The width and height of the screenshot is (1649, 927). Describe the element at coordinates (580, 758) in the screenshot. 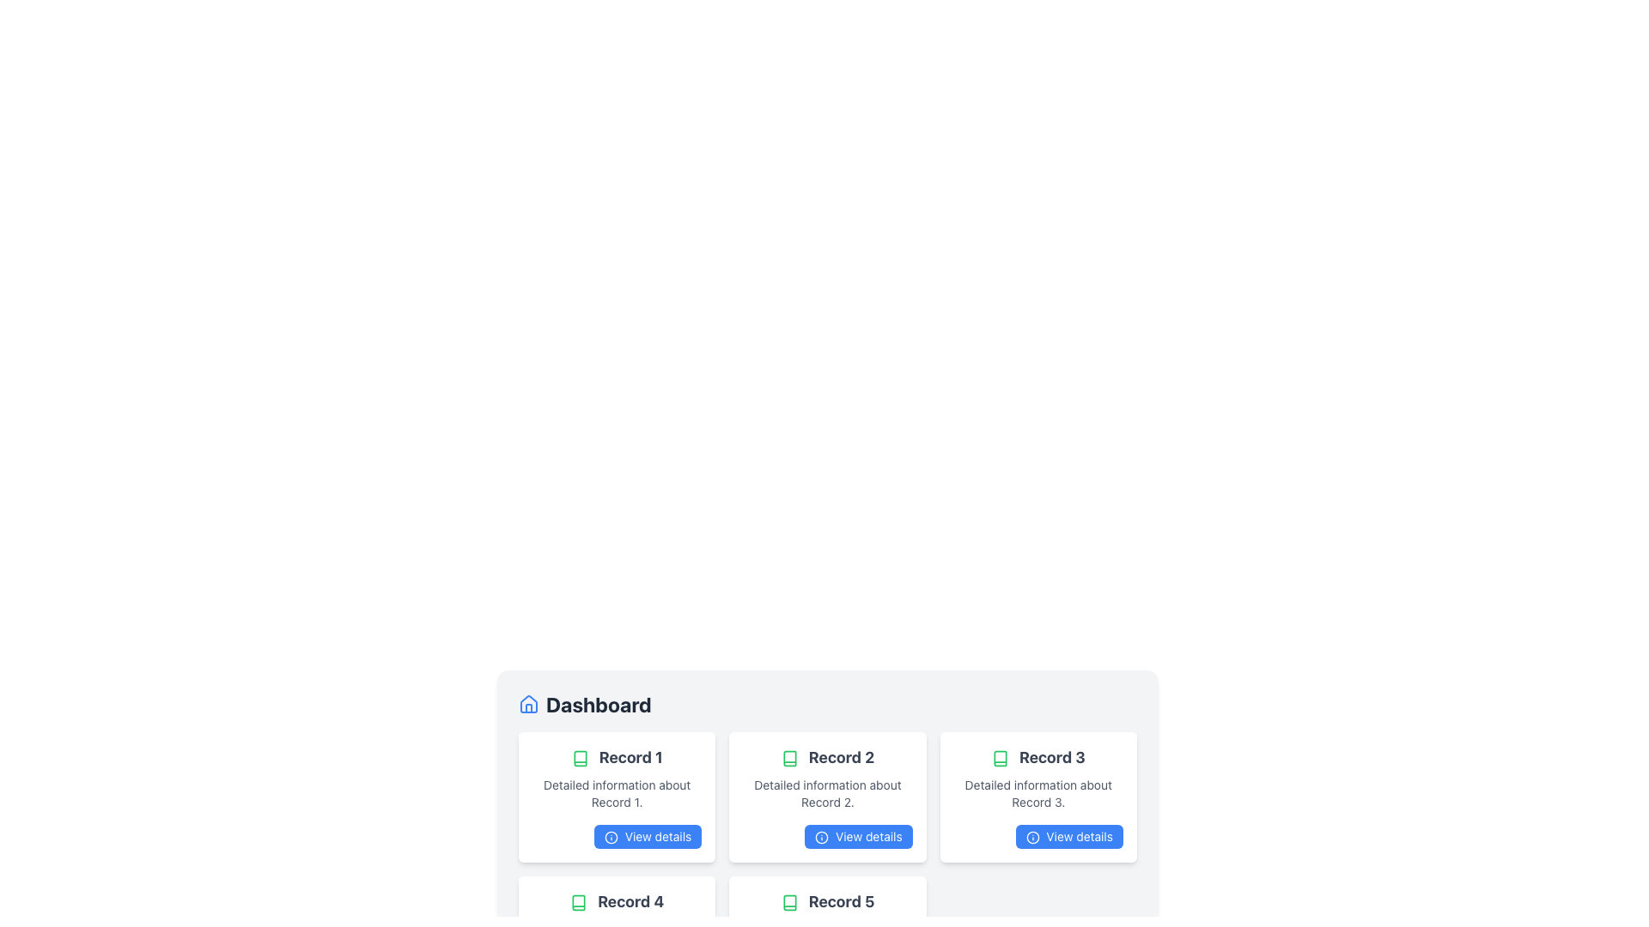

I see `the icon resembling an outline of a book, located in the first card titled 'Record 1', positioned towards the left edge above the title text` at that location.